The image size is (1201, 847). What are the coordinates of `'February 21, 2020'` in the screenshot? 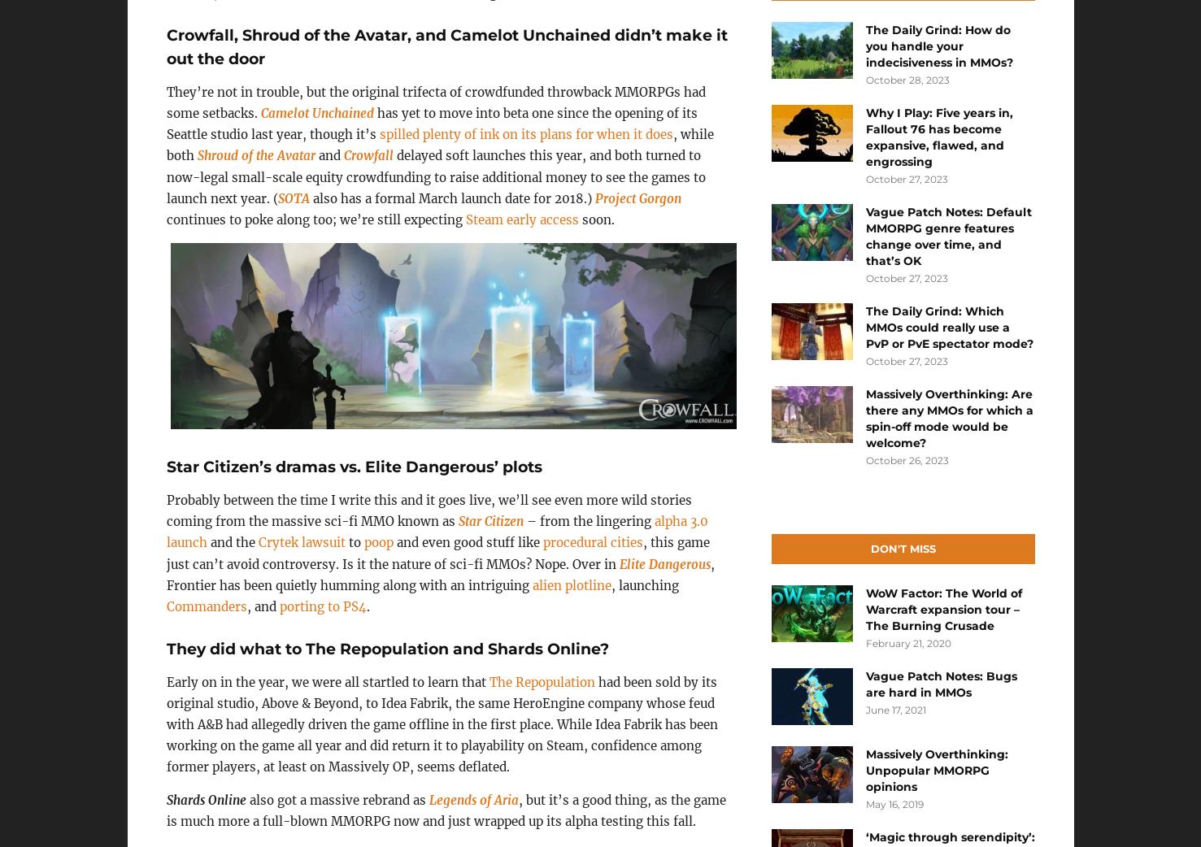 It's located at (907, 643).